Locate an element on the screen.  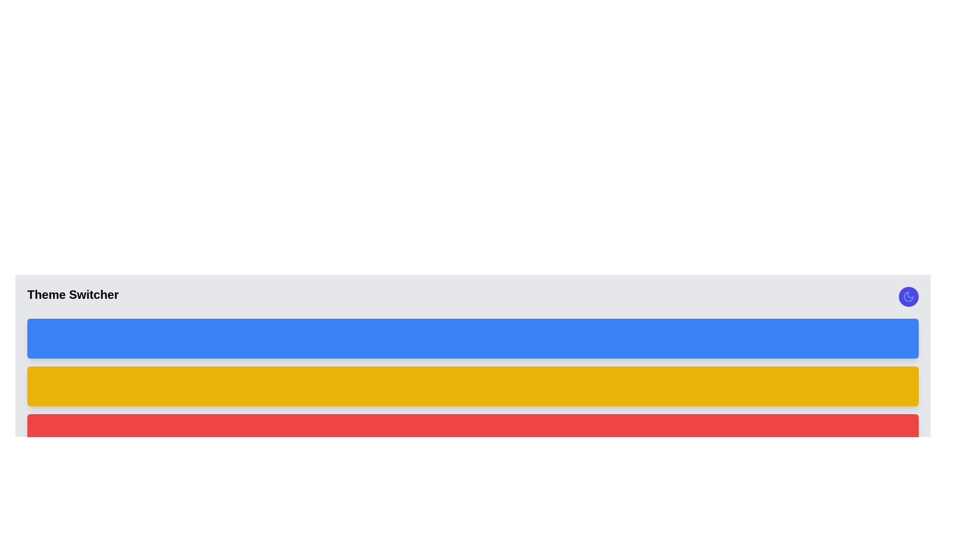
the theme switcher button located at the extreme right of the row, next to the 'Theme Switcher' text, to trigger a visual response is located at coordinates (908, 296).